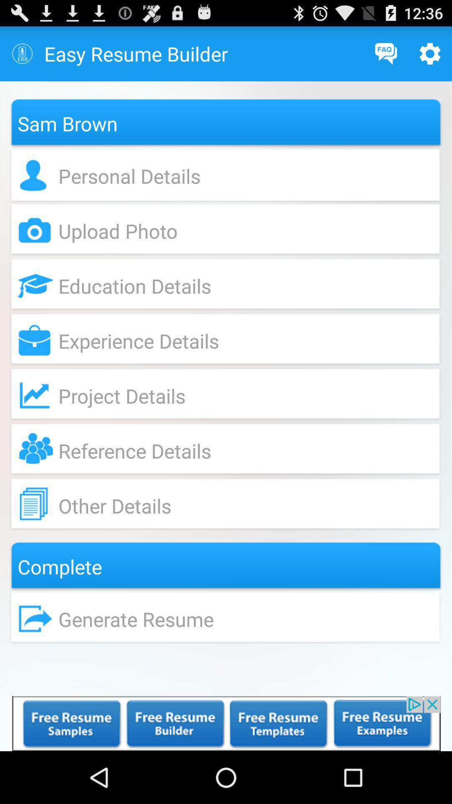  What do you see at coordinates (386, 53) in the screenshot?
I see `frequently asked the questions` at bounding box center [386, 53].